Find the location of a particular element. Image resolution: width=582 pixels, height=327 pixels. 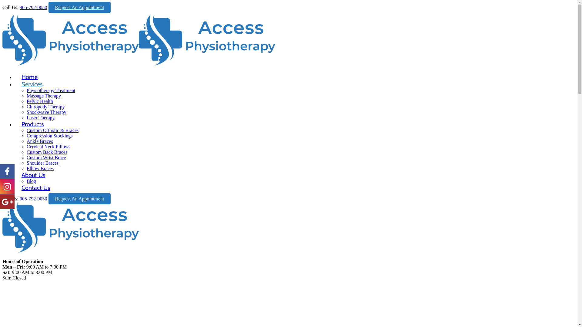

'Chiropody Therapy' is located at coordinates (45, 106).